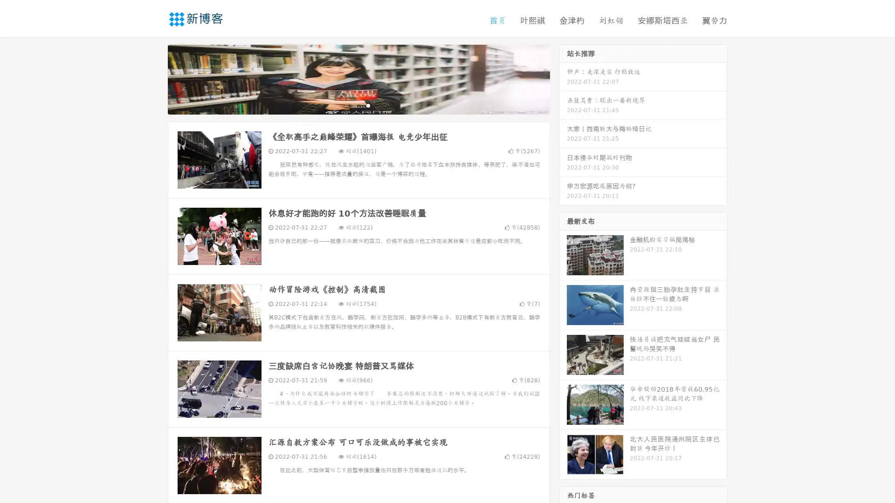 This screenshot has width=895, height=503. Describe the element at coordinates (368, 105) in the screenshot. I see `Go to slide 3` at that location.